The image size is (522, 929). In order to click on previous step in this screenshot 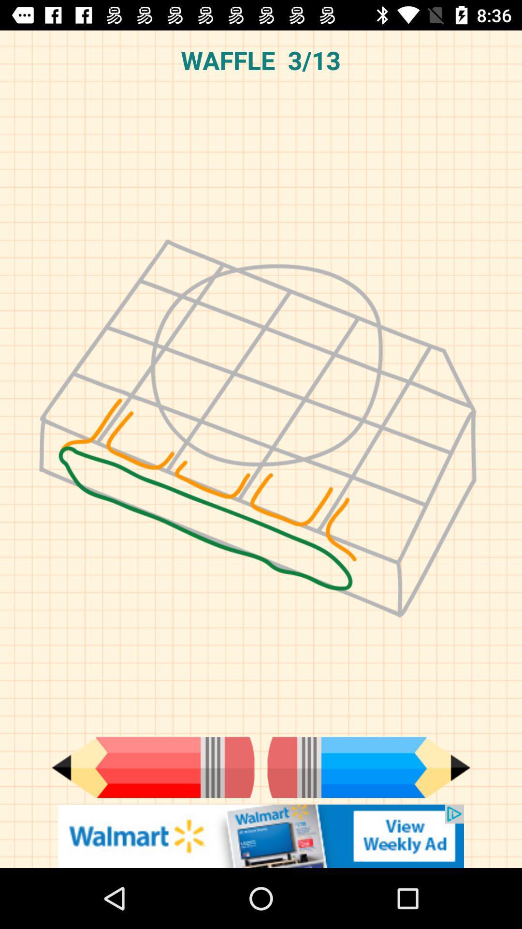, I will do `click(152, 767)`.